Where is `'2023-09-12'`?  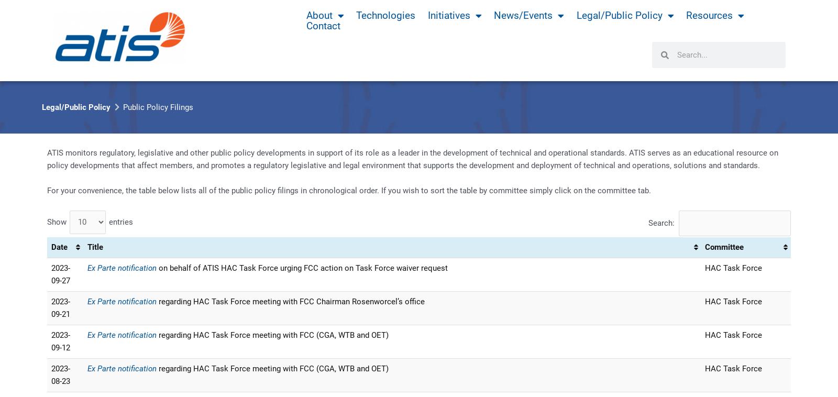 '2023-09-12' is located at coordinates (60, 341).